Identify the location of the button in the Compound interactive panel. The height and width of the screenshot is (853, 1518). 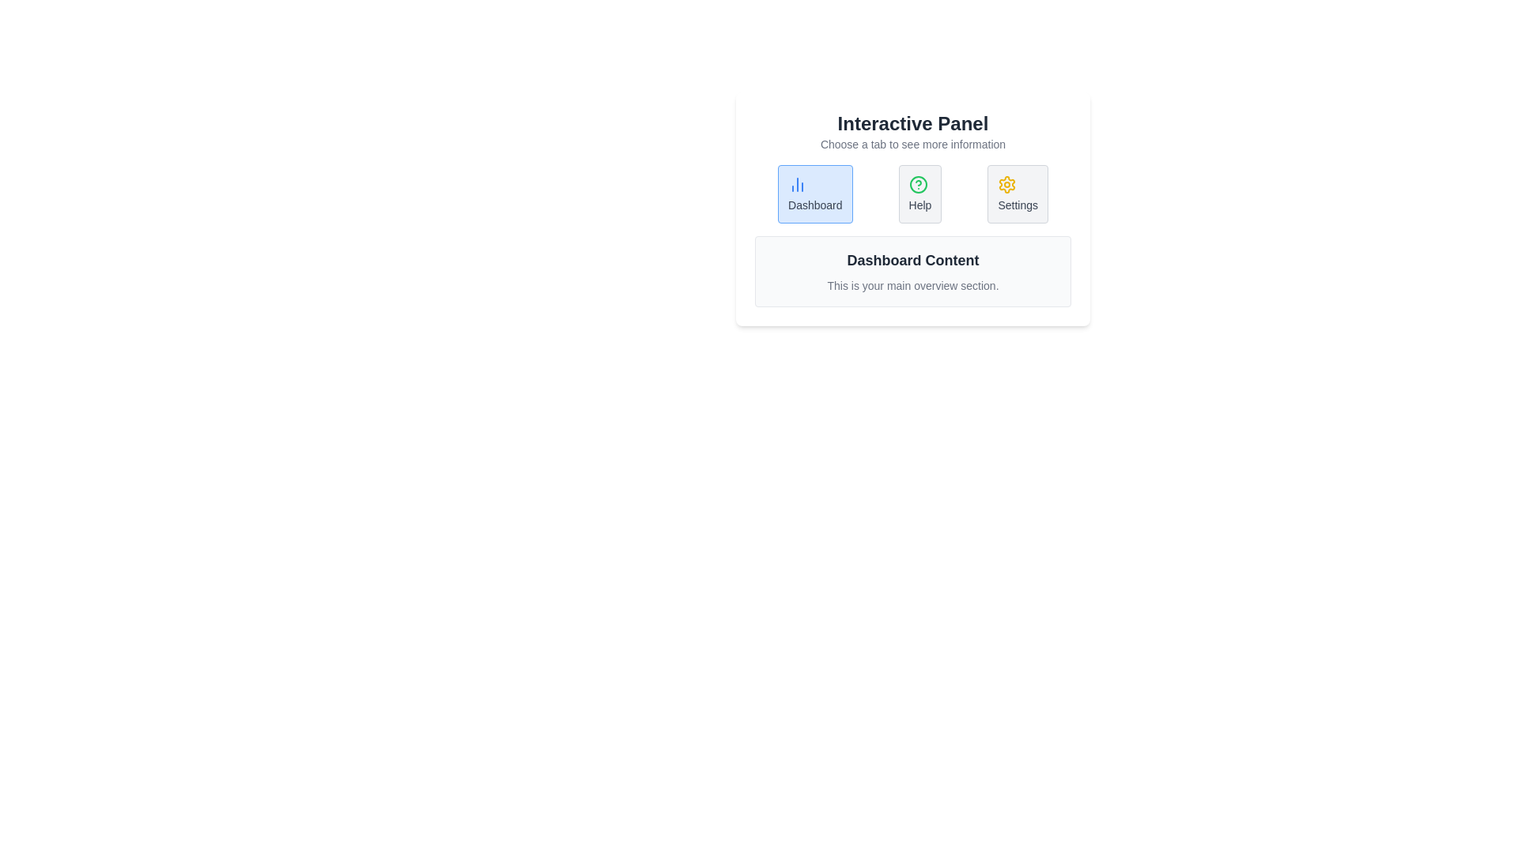
(913, 209).